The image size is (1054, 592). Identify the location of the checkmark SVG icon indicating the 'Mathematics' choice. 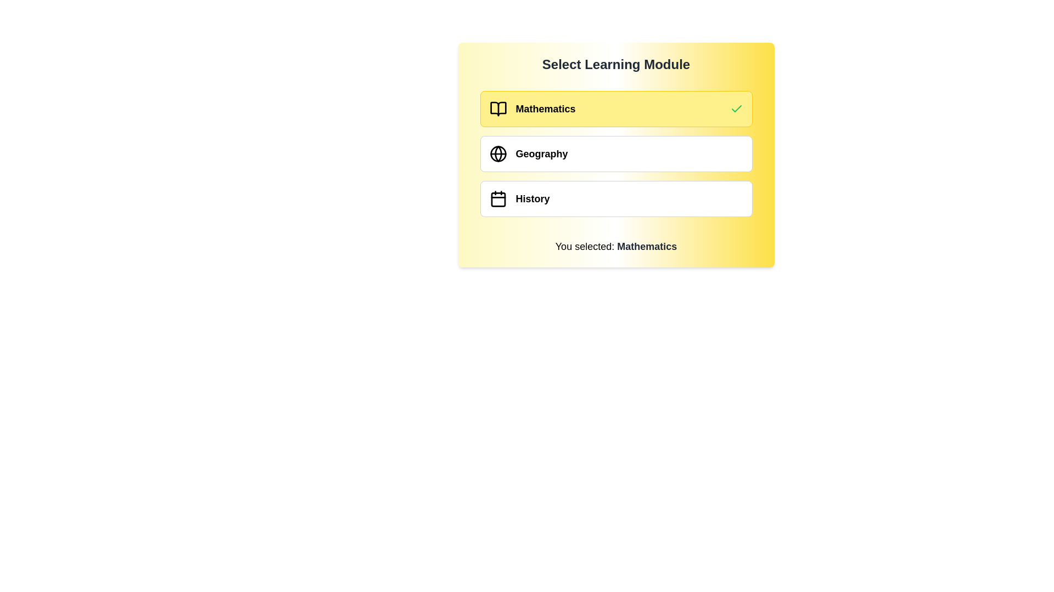
(736, 109).